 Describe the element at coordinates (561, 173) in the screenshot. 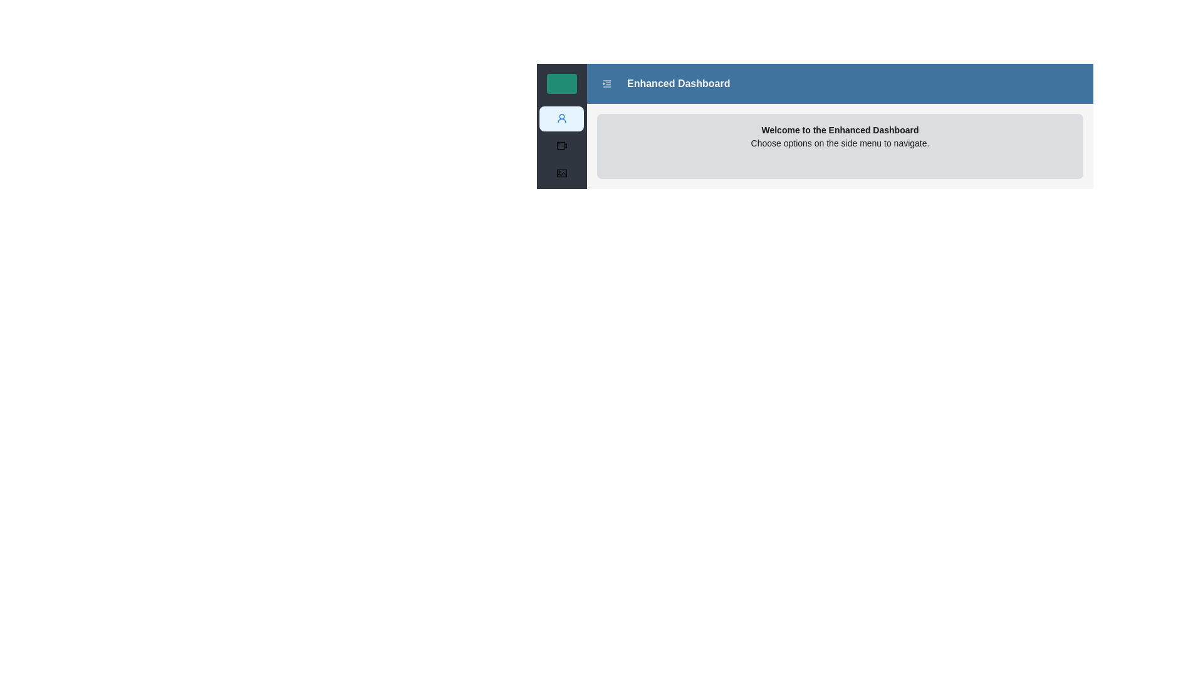

I see `the small dark gray icon representing a picture frame` at that location.